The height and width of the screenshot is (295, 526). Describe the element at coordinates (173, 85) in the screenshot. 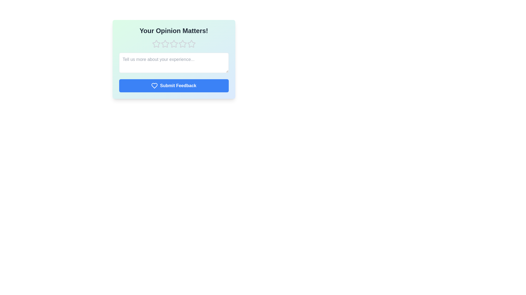

I see `the 'Submit Feedback' button, which is a horizontally-aligned button with a blue background and white text, to change its color from blue to a darker blue` at that location.